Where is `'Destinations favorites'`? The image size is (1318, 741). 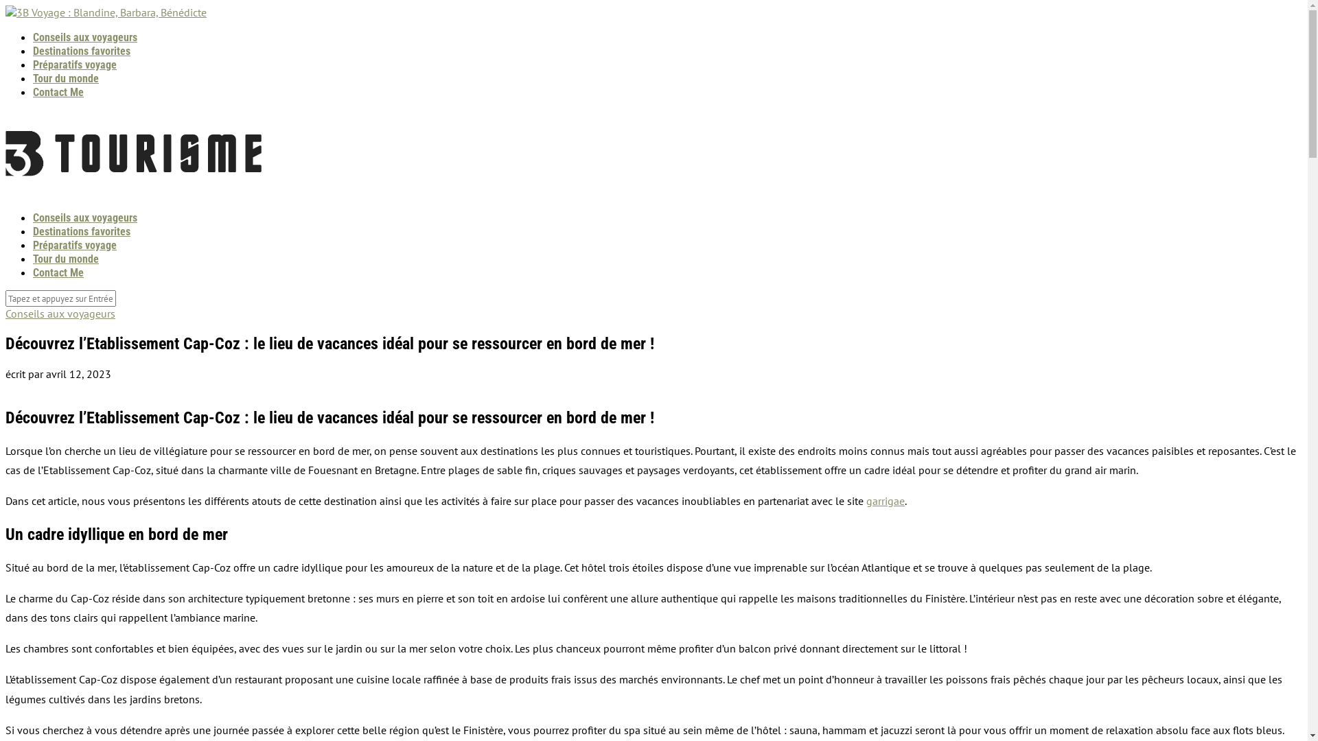
'Destinations favorites' is located at coordinates (81, 50).